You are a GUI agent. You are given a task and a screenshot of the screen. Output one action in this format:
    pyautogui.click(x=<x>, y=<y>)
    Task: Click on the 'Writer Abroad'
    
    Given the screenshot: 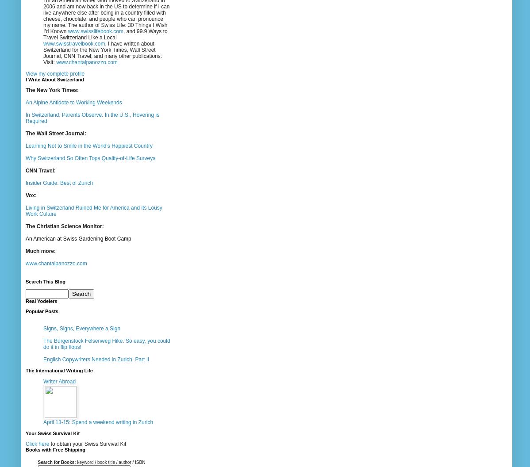 What is the action you would take?
    pyautogui.click(x=43, y=381)
    